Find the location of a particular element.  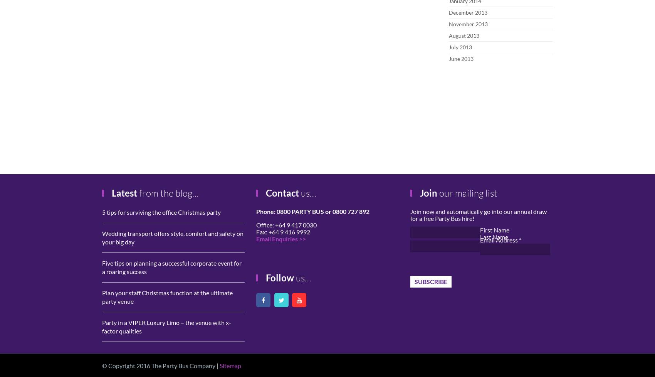

'Follow' is located at coordinates (280, 278).